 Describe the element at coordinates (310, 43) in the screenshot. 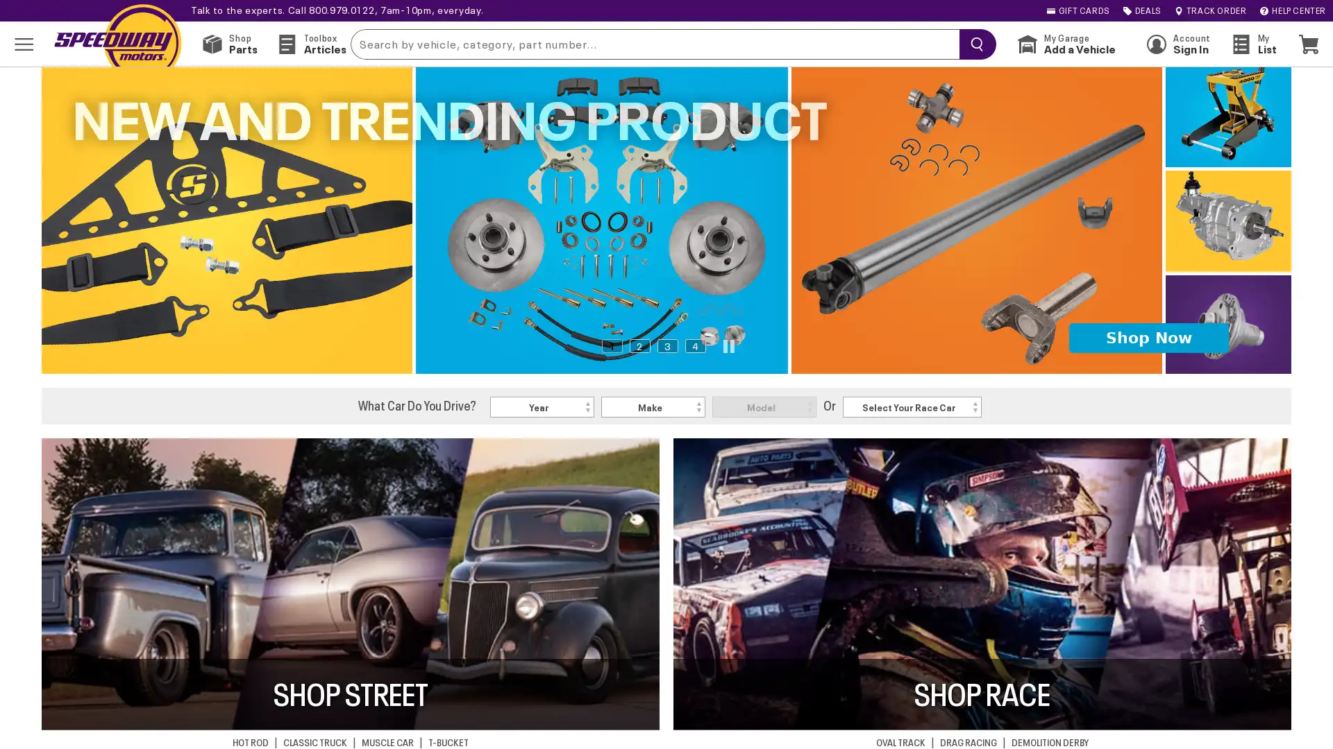

I see `Toolbox Articles` at that location.